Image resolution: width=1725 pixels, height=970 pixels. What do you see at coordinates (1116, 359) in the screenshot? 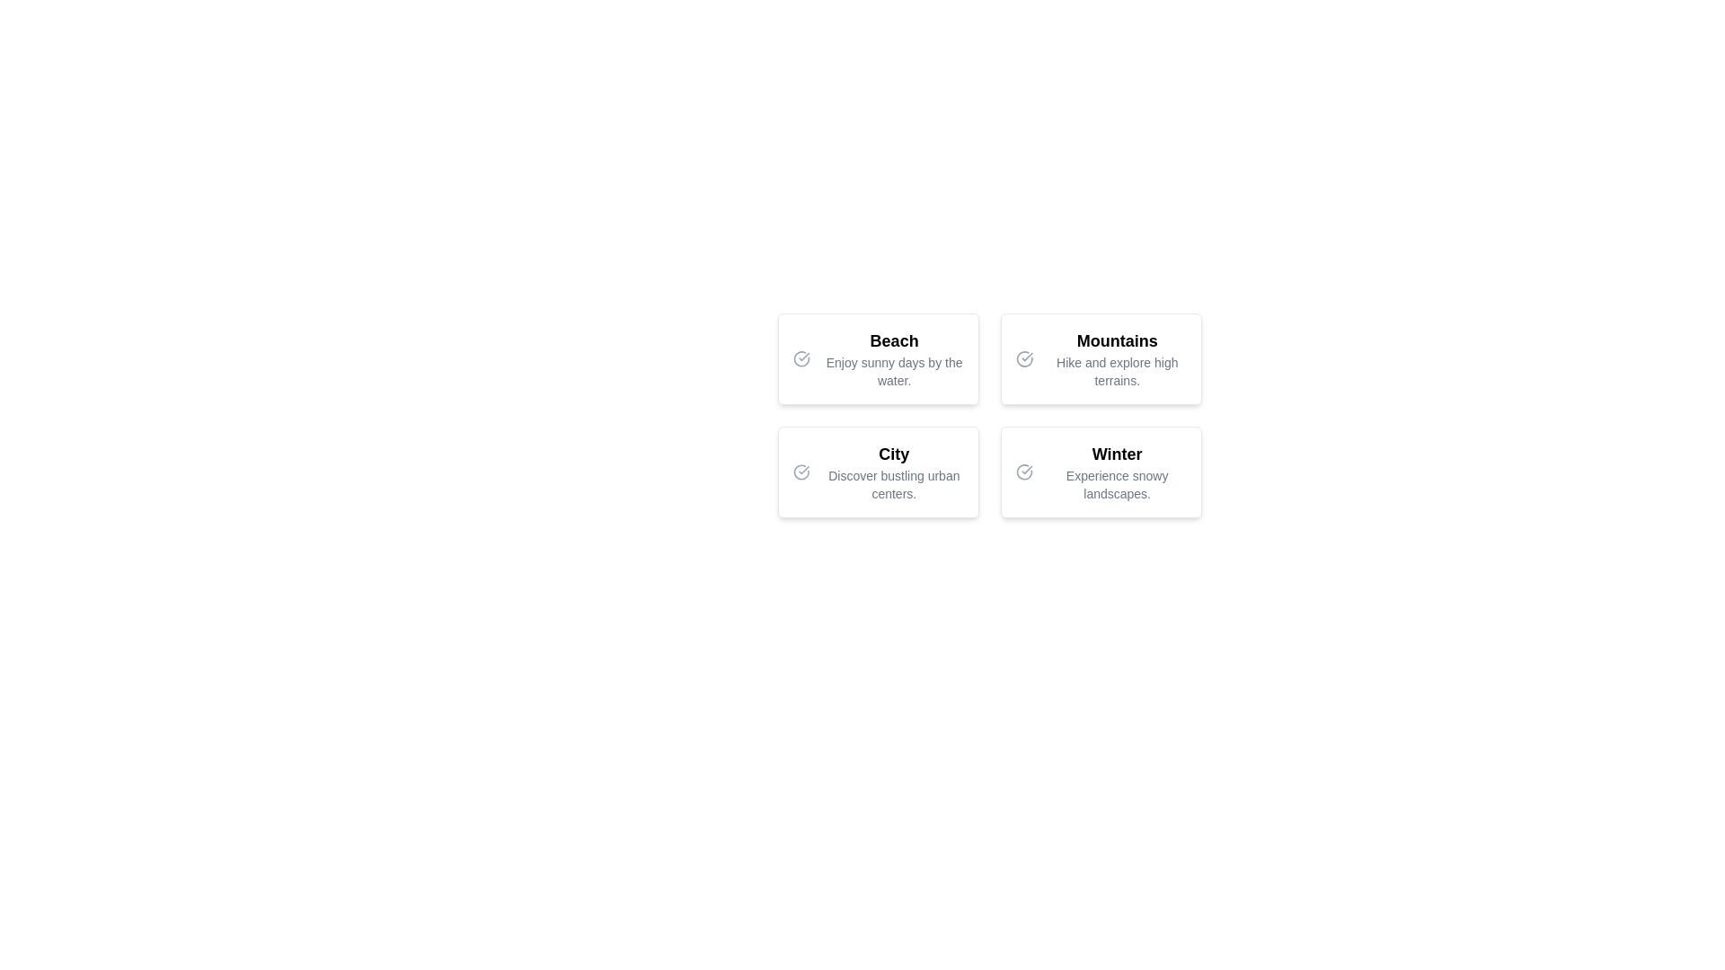
I see `the Text Display element titled 'Mountains', which contains the description 'Hike and explore high terrains.' and is styled in a modern card layout` at bounding box center [1116, 359].